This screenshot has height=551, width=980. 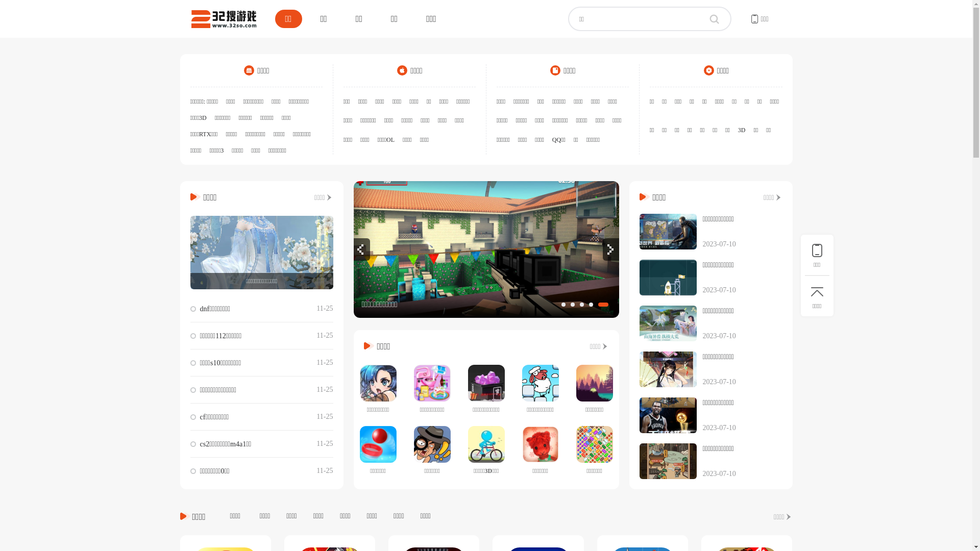 I want to click on '3D', so click(x=742, y=129).